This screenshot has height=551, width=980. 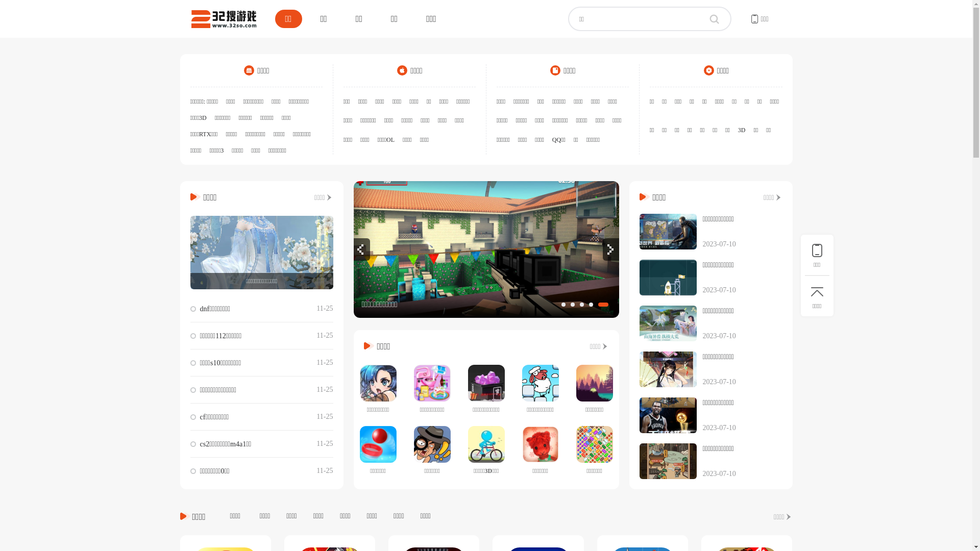 I want to click on '3D', so click(x=742, y=129).